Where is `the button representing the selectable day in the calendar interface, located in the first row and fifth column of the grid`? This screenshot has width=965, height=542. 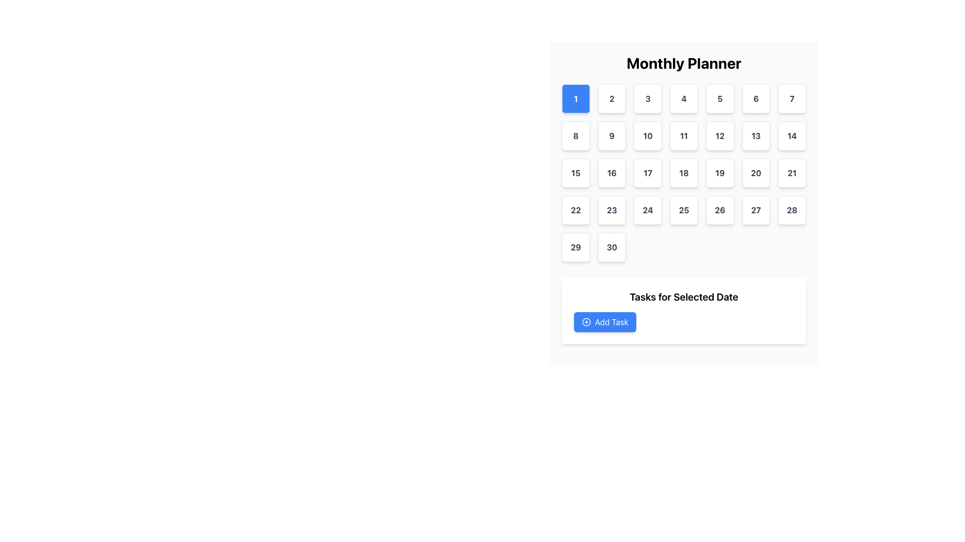 the button representing the selectable day in the calendar interface, located in the first row and fifth column of the grid is located at coordinates (719, 98).